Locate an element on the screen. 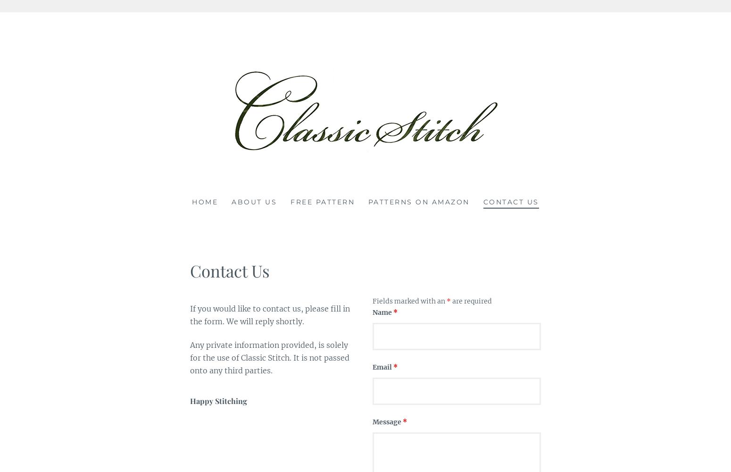  'About Us' is located at coordinates (253, 202).